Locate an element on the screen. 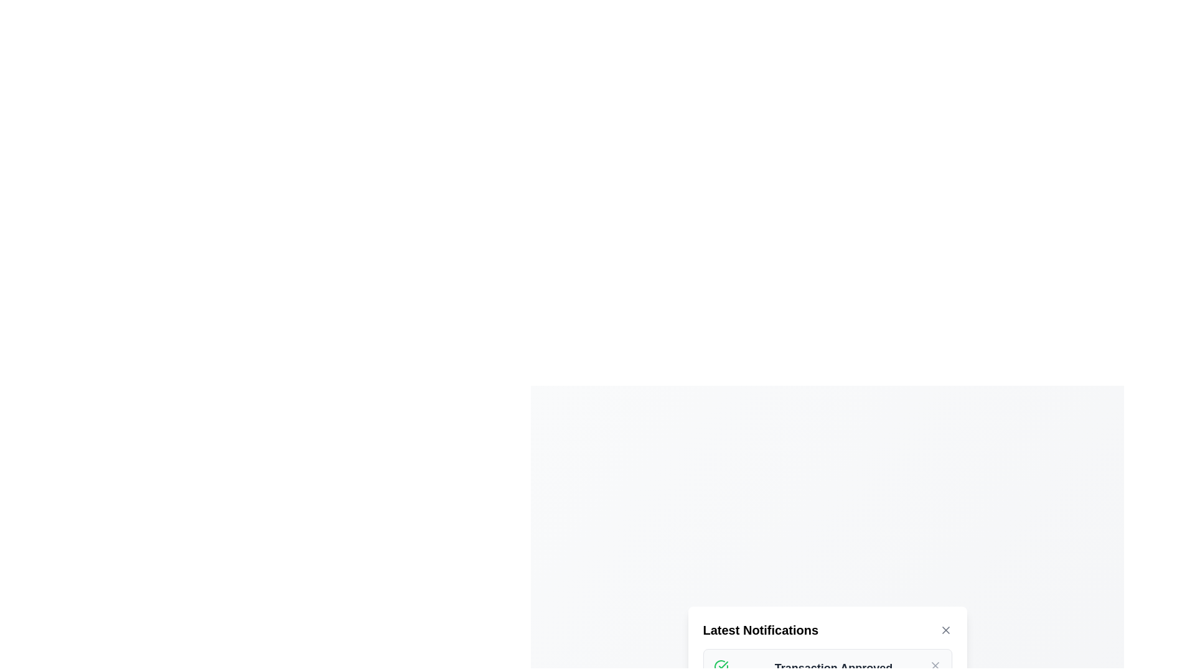 The image size is (1195, 672). the Close Button Icon, which is a diagonal cross mark ('X') symbol located at the top-right corner of the notification panel is located at coordinates (935, 665).